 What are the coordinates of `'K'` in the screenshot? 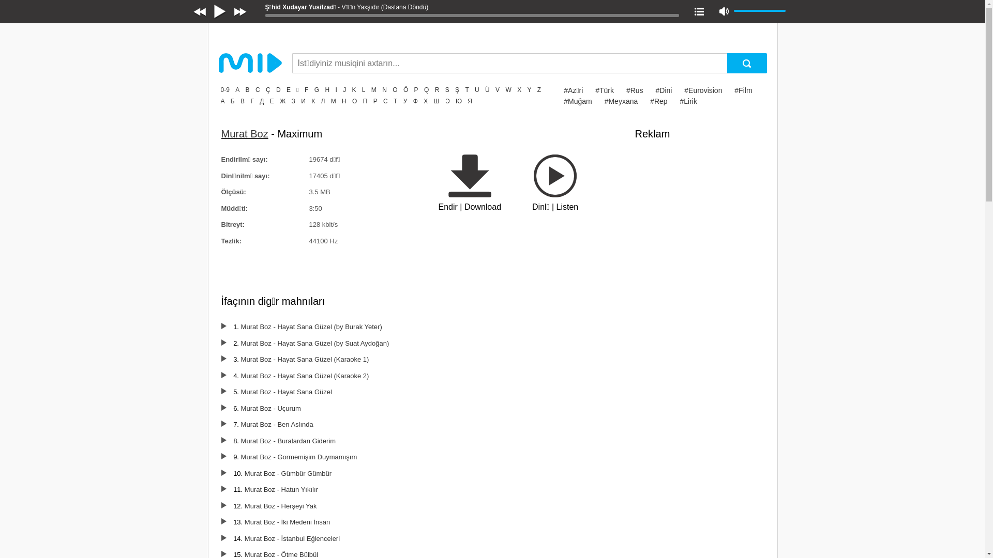 It's located at (354, 89).